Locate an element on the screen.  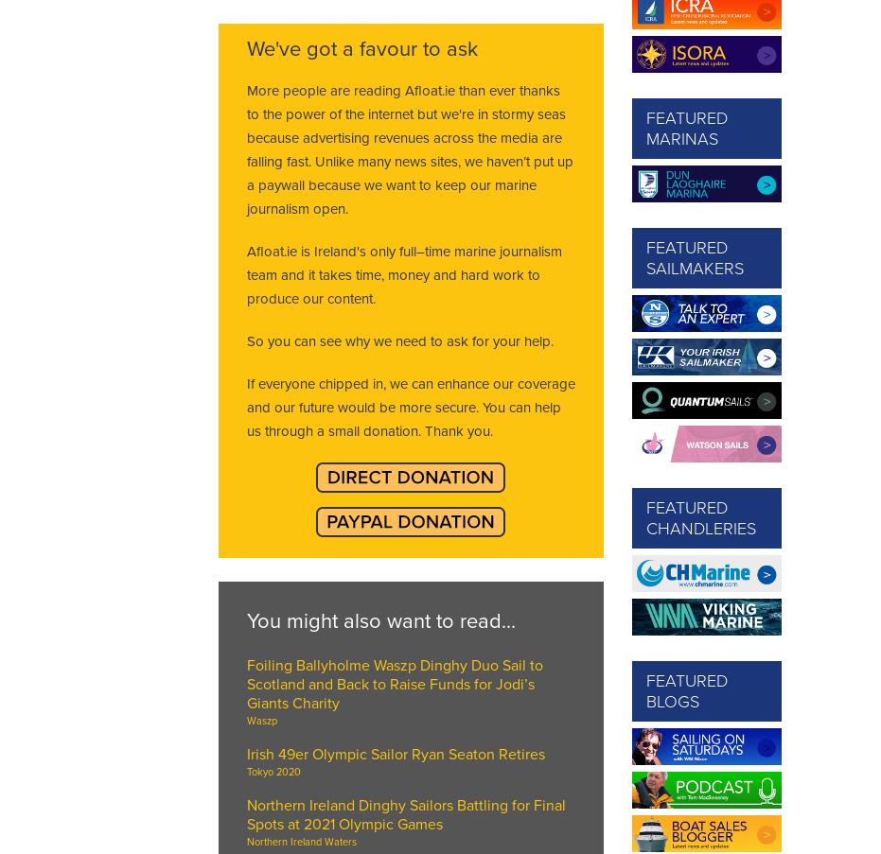
'Featured Sailmakers' is located at coordinates (695, 255).